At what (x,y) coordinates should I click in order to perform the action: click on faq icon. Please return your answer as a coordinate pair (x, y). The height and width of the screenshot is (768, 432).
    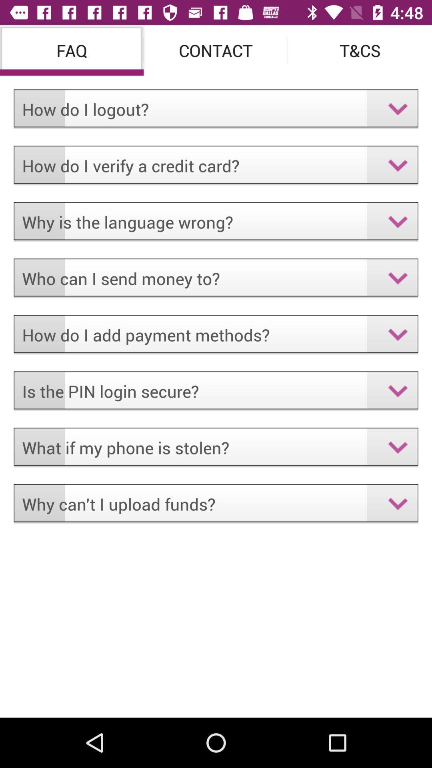
    Looking at the image, I should click on (71, 50).